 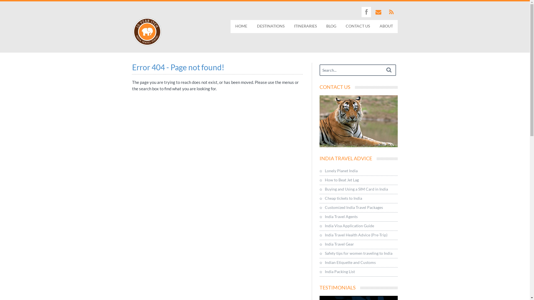 I want to click on 'Contact Us', so click(x=359, y=121).